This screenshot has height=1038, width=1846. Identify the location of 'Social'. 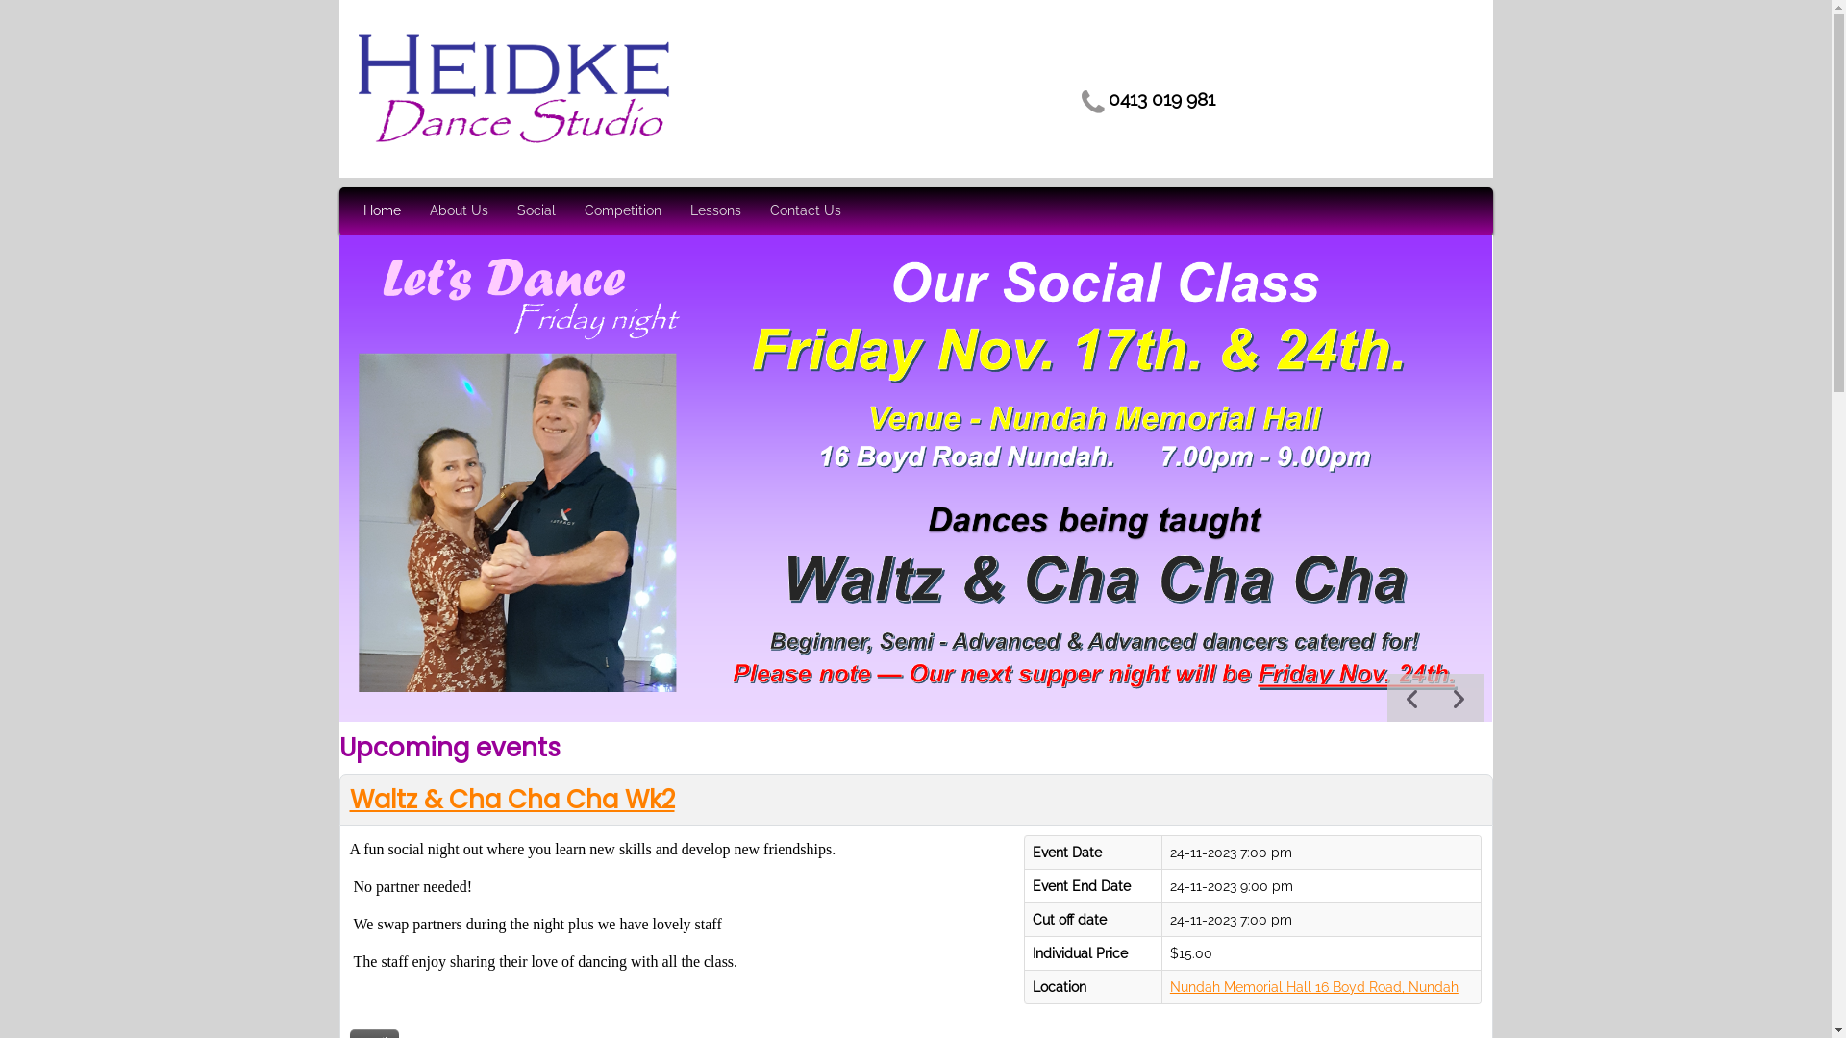
(536, 210).